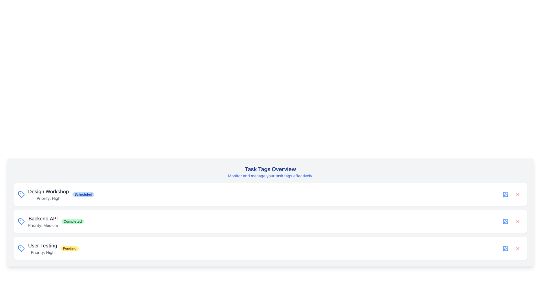 This screenshot has height=304, width=541. What do you see at coordinates (505, 221) in the screenshot?
I see `the small blue edit icon located in the last row of the task list, just to the left of the red close button, to initiate editing` at bounding box center [505, 221].